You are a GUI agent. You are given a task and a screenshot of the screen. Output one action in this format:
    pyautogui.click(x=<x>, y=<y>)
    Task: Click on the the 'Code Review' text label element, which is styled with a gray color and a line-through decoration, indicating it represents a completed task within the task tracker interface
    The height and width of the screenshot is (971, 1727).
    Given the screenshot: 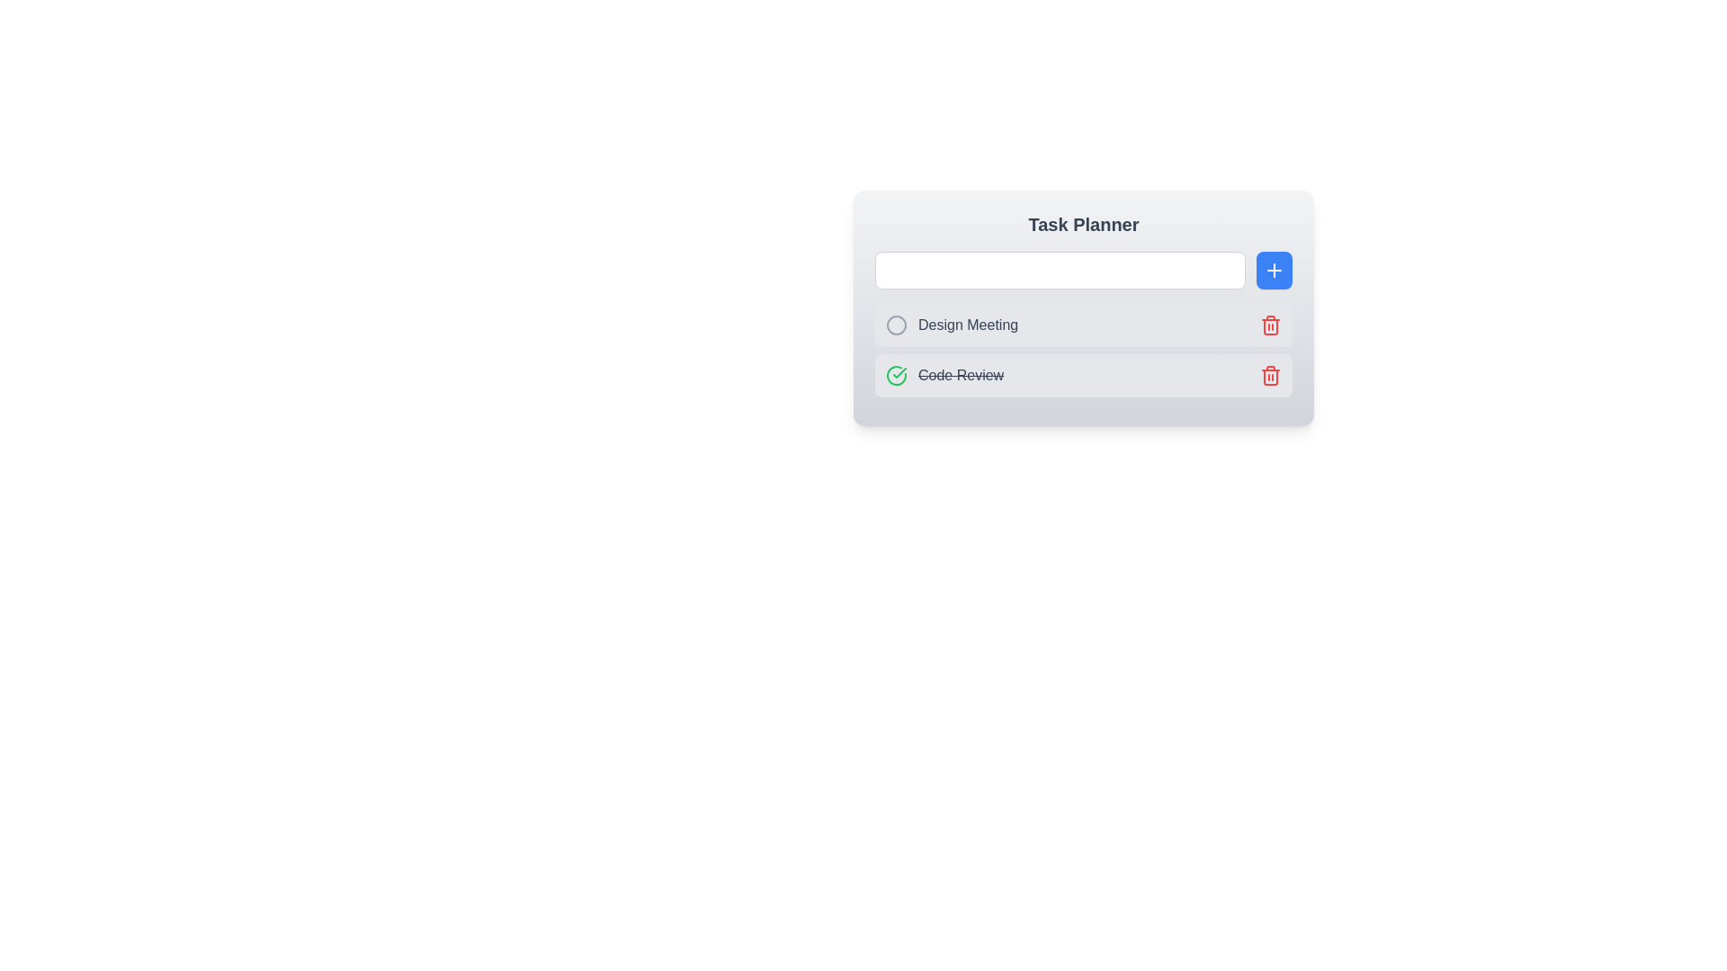 What is the action you would take?
    pyautogui.click(x=960, y=374)
    